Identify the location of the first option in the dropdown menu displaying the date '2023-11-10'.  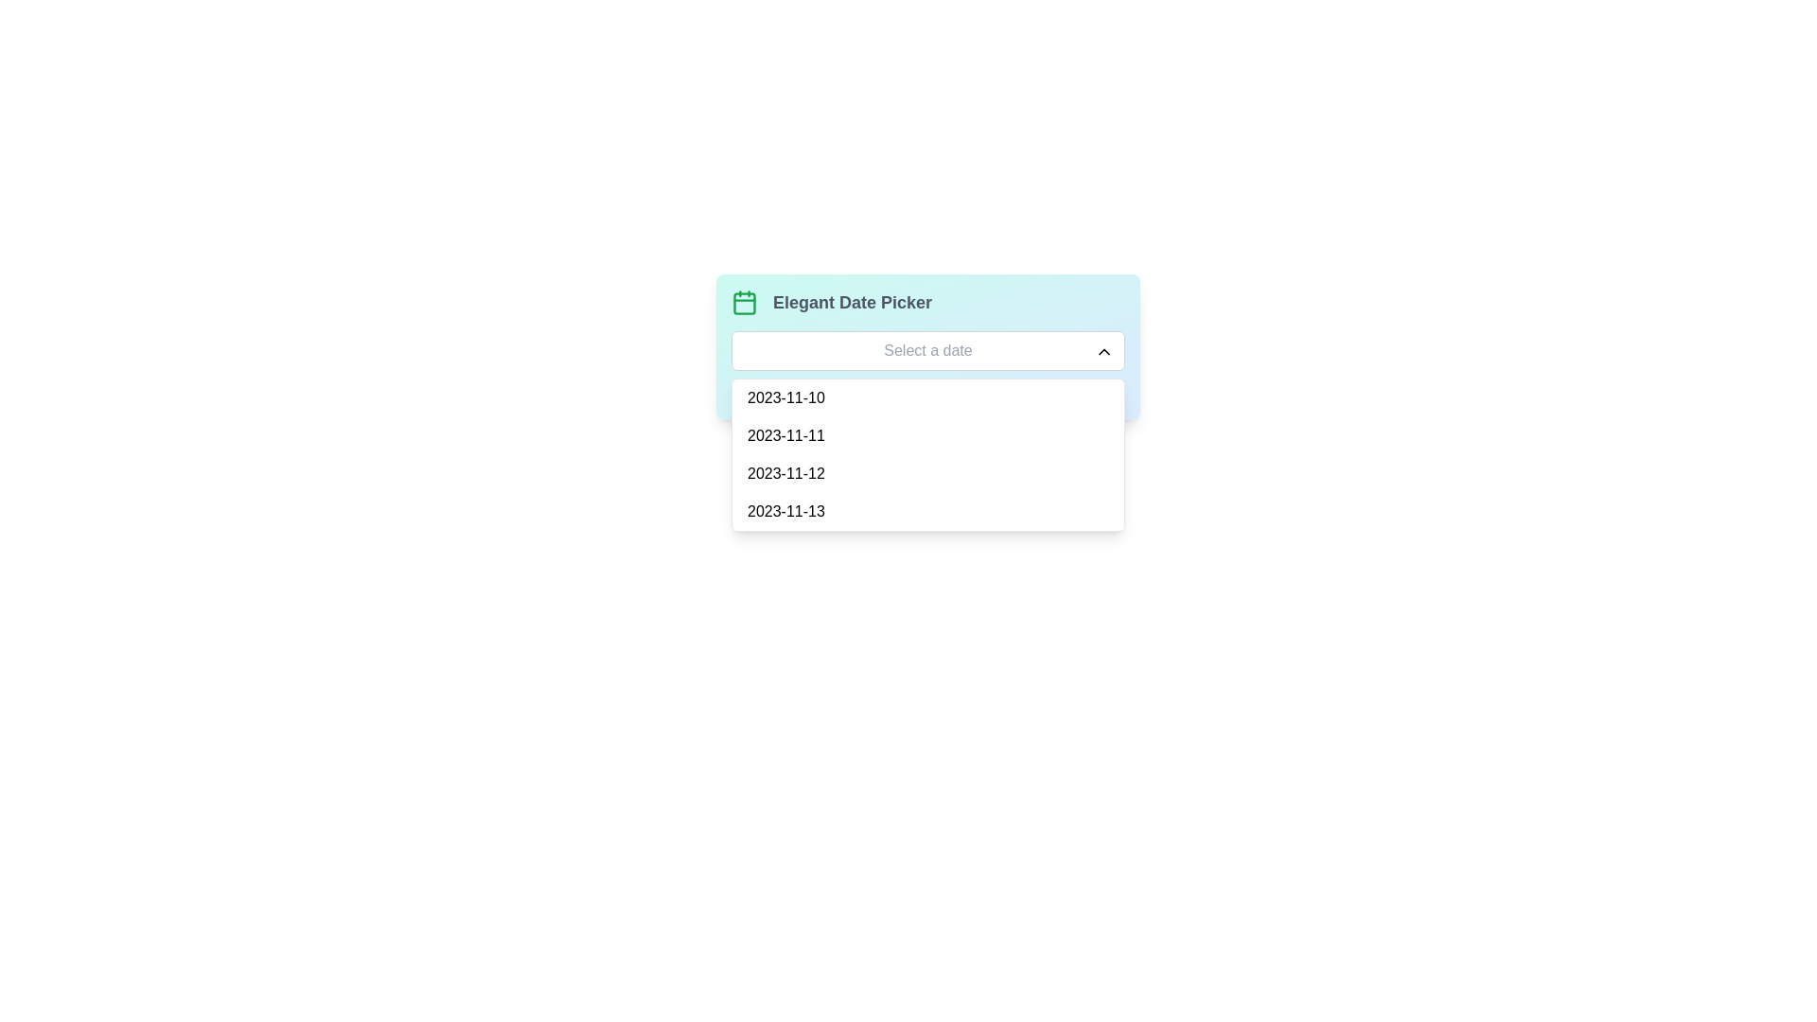
(927, 396).